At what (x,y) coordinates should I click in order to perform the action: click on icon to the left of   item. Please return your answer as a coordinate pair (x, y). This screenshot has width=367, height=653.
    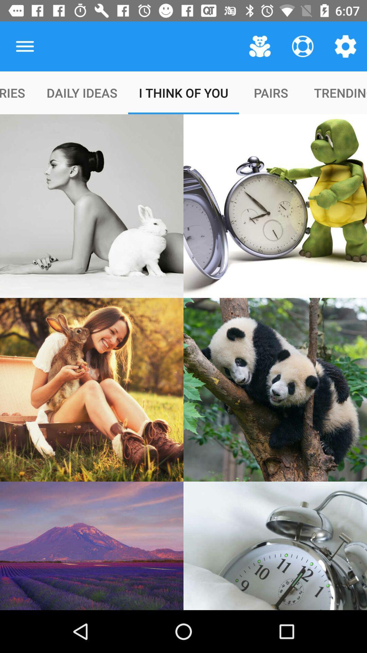
    Looking at the image, I should click on (24, 46).